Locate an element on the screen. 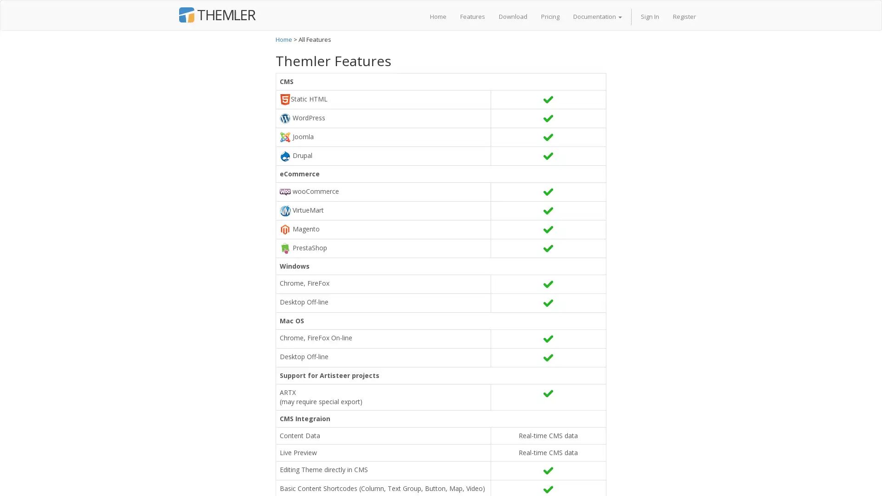  Documentation is located at coordinates (597, 16).